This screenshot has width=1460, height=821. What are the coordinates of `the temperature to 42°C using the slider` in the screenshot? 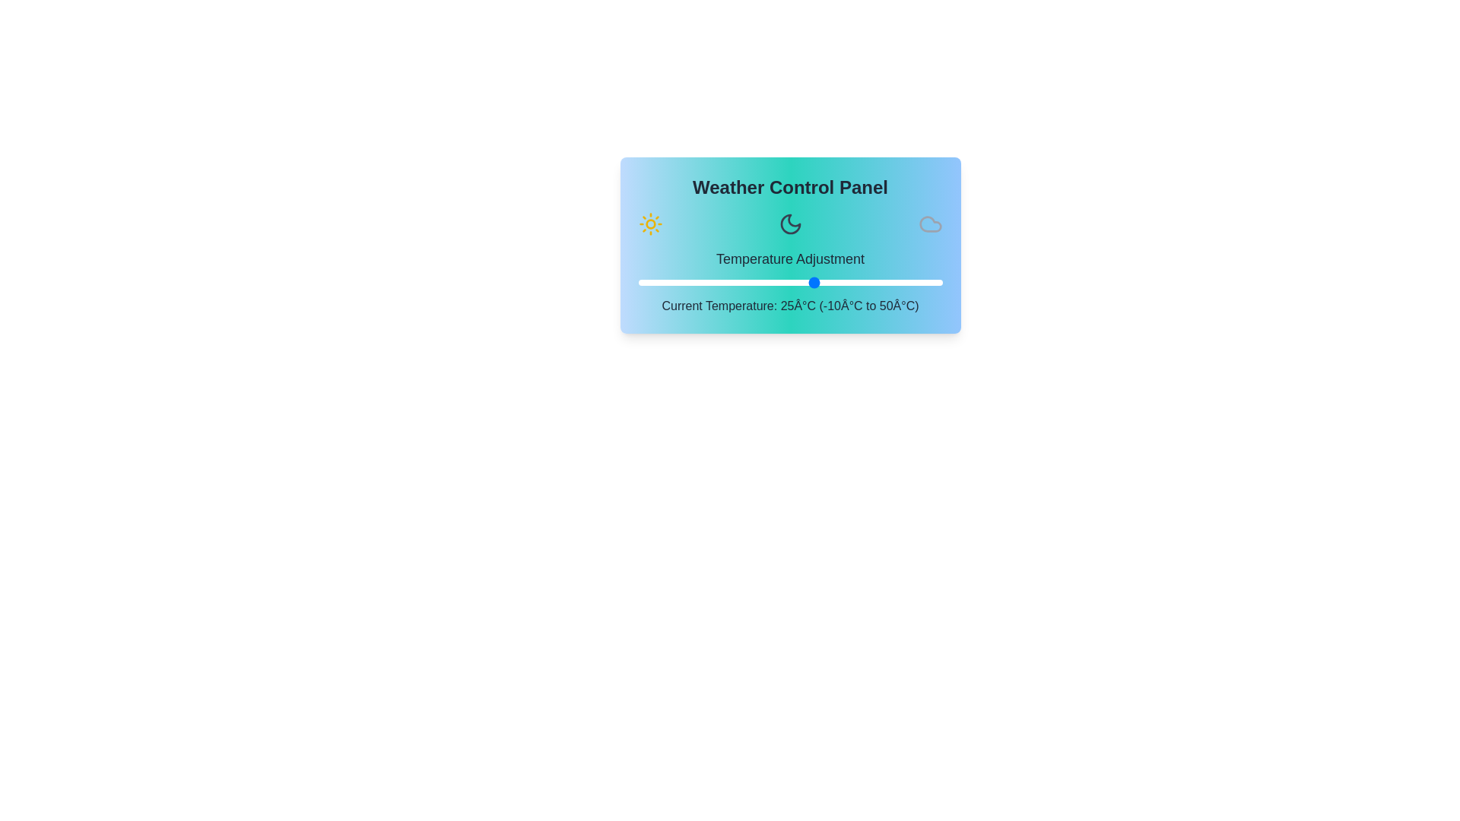 It's located at (902, 282).